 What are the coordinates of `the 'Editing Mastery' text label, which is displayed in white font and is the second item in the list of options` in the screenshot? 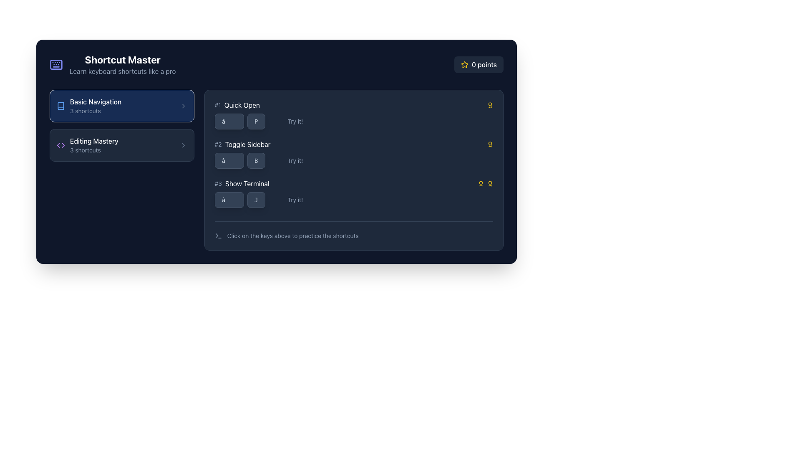 It's located at (94, 141).